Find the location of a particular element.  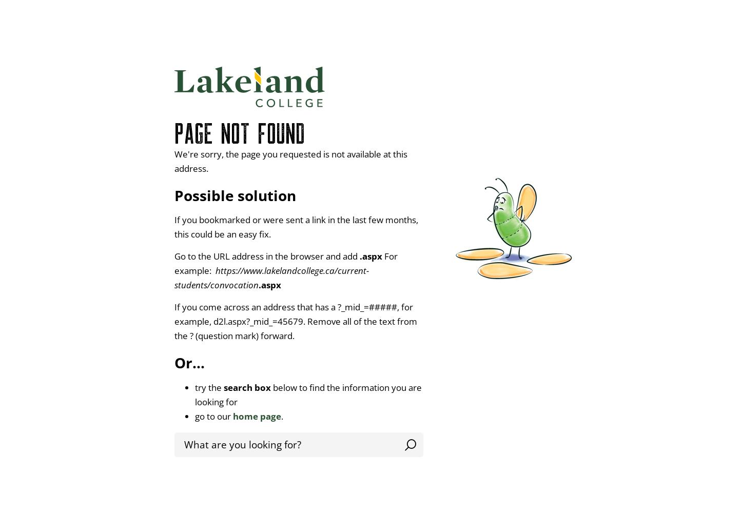

'.' is located at coordinates (282, 416).